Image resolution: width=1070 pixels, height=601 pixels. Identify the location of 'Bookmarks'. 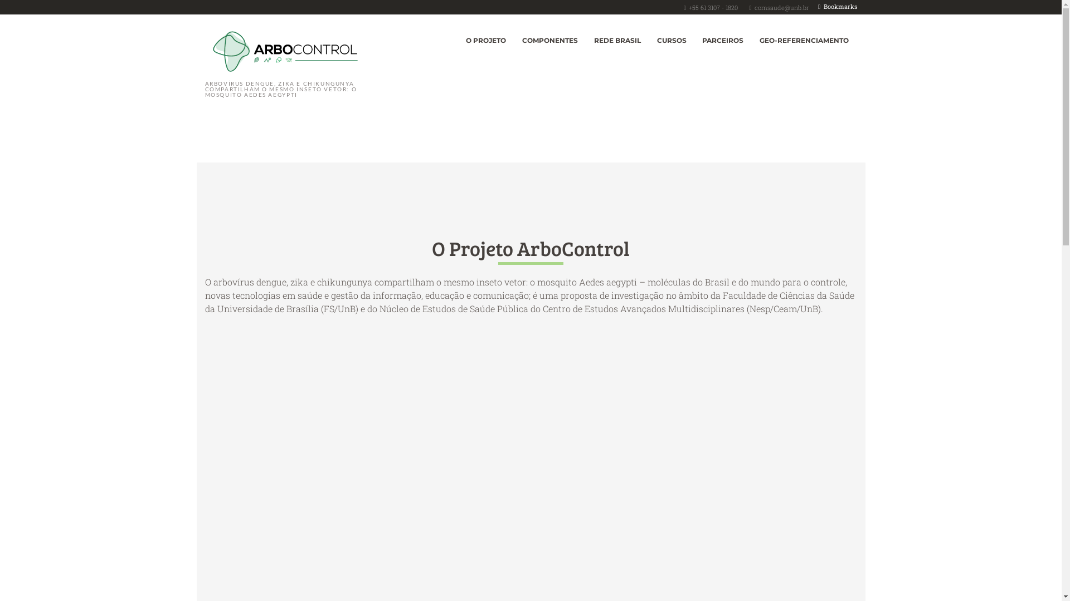
(837, 6).